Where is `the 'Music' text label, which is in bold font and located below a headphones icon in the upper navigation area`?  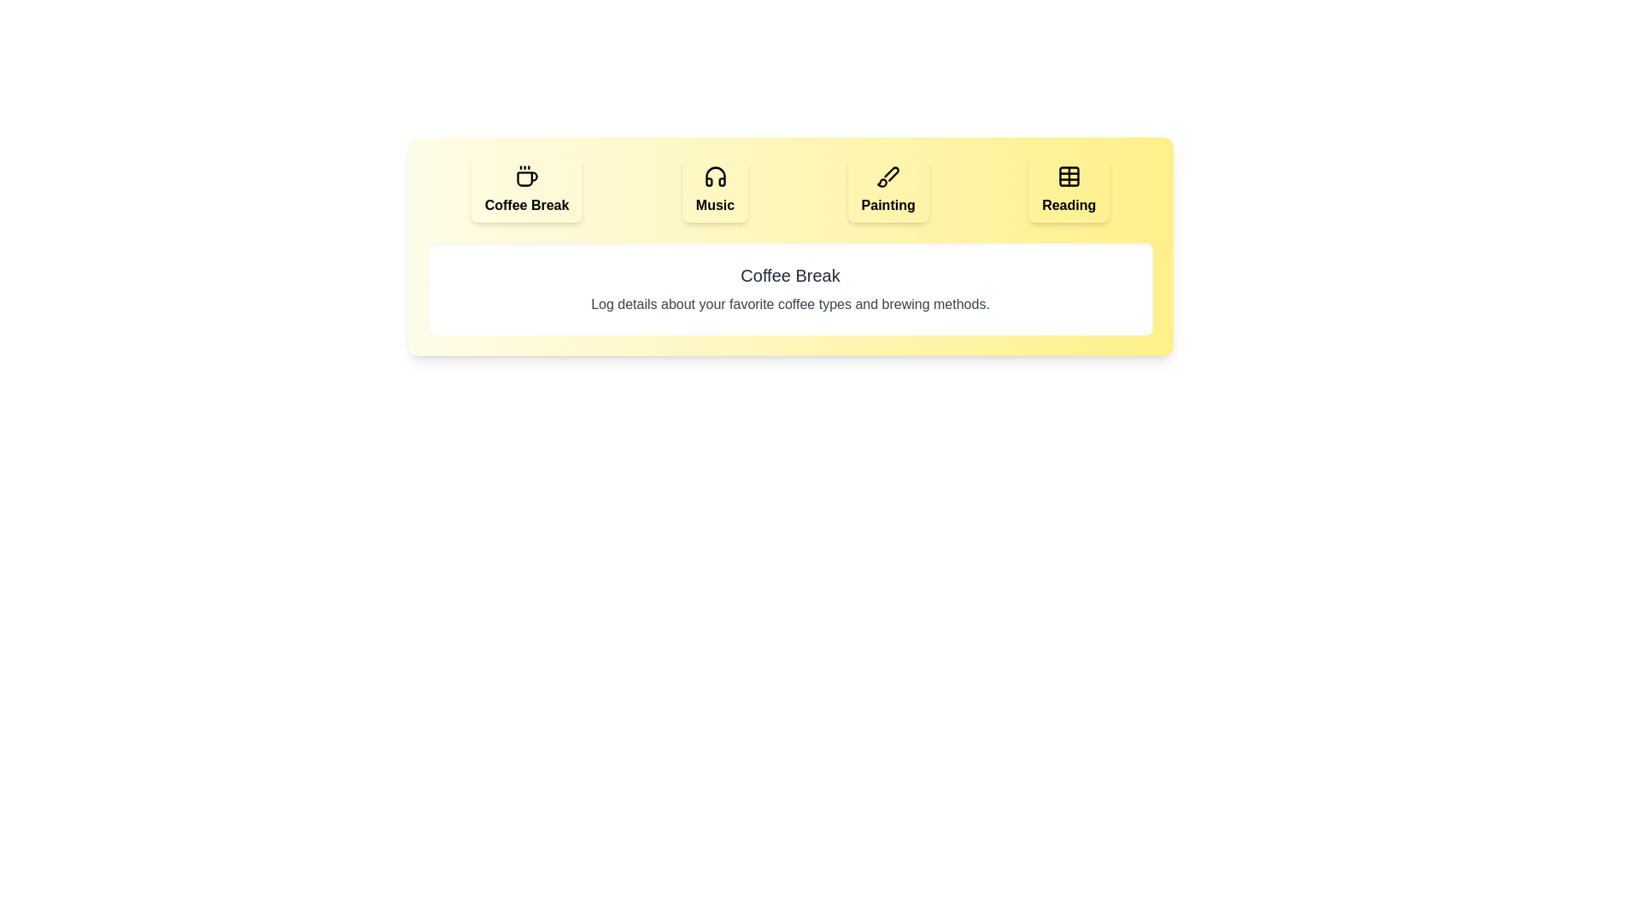 the 'Music' text label, which is in bold font and located below a headphones icon in the upper navigation area is located at coordinates (715, 204).